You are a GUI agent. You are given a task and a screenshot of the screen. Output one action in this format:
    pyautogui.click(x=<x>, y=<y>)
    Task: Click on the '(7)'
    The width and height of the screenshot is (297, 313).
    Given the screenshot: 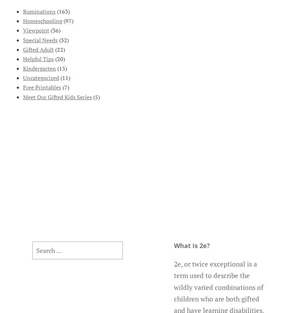 What is the action you would take?
    pyautogui.click(x=60, y=87)
    